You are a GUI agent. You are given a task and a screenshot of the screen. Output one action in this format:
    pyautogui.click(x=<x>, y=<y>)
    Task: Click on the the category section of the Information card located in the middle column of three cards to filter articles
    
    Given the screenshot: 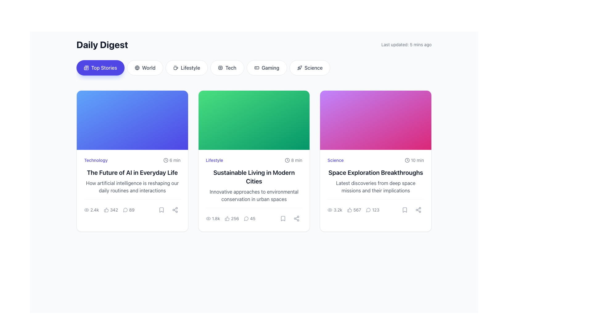 What is the action you would take?
    pyautogui.click(x=254, y=190)
    